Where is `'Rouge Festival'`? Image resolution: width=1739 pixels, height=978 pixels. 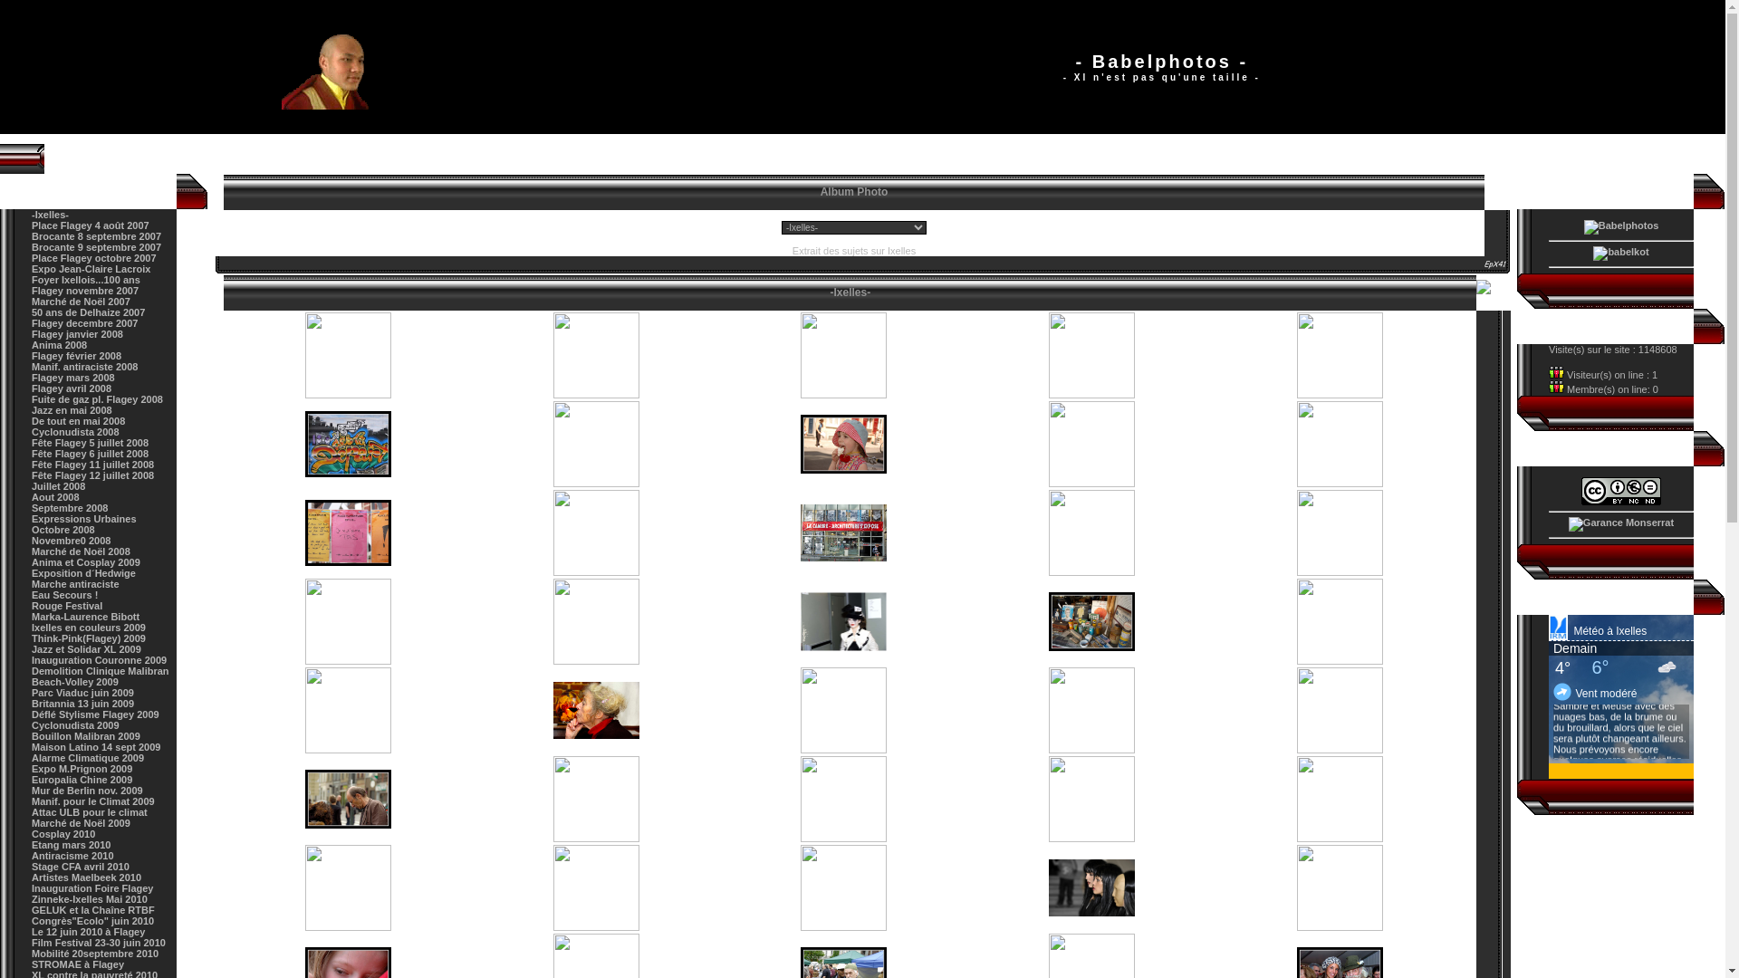
'Rouge Festival' is located at coordinates (31, 605).